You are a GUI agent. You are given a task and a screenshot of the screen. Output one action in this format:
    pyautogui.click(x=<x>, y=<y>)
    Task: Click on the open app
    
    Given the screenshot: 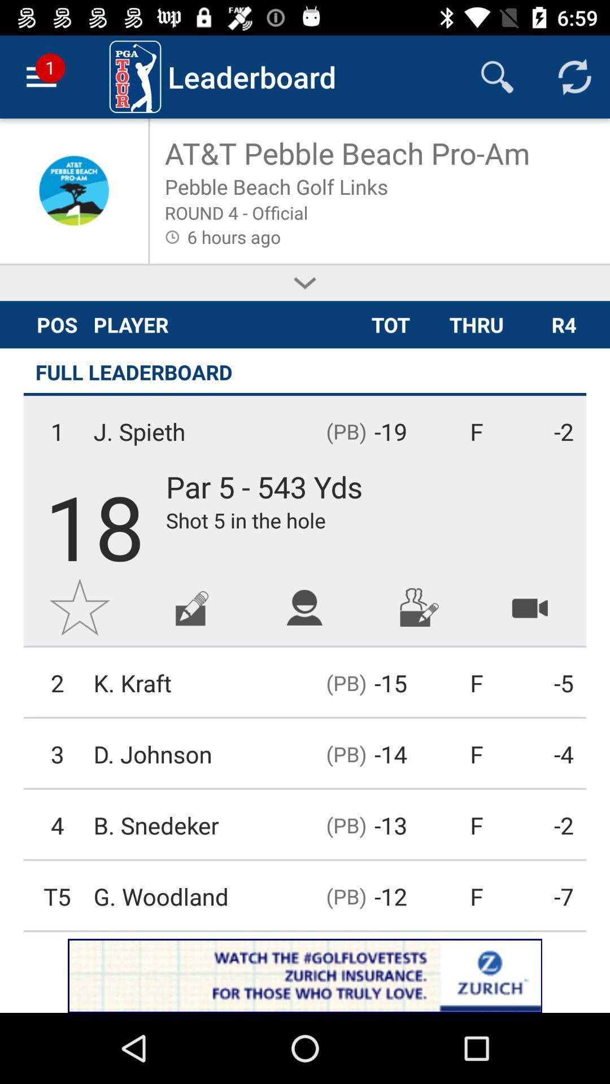 What is the action you would take?
    pyautogui.click(x=305, y=975)
    